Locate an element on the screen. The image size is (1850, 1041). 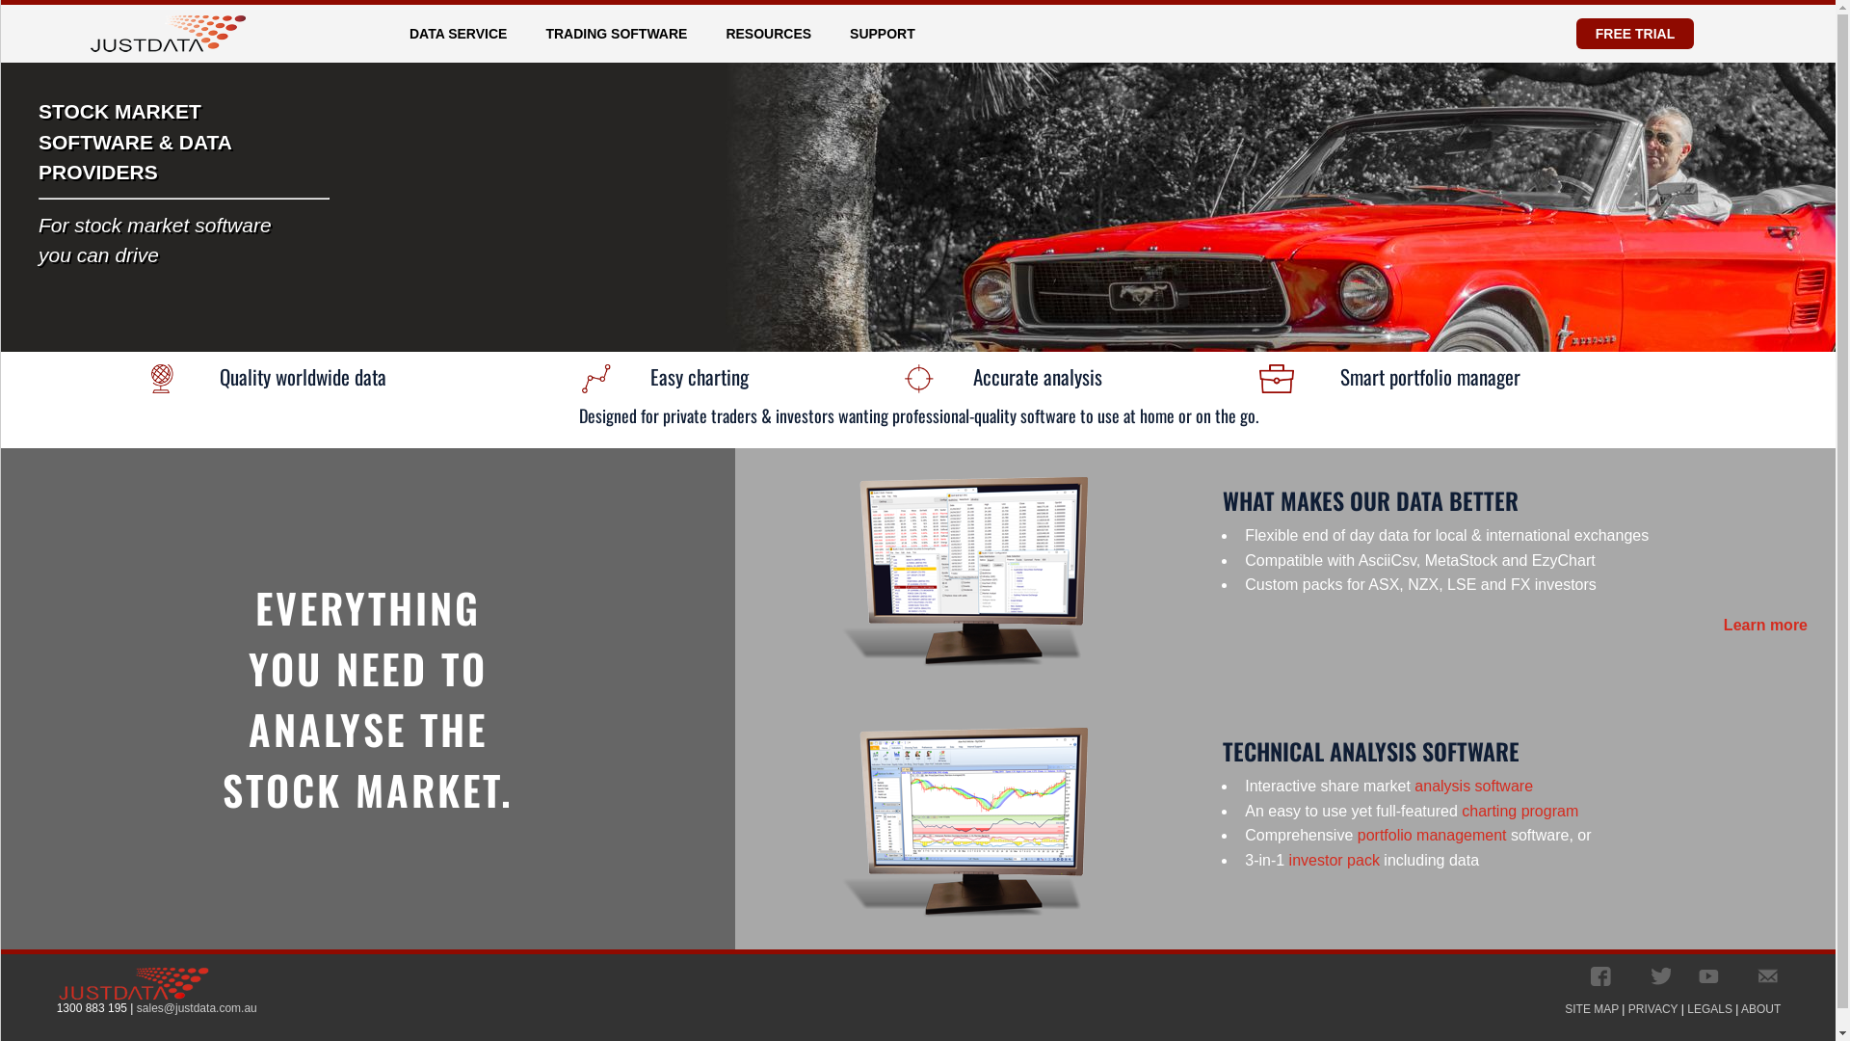
'Data download Software' is located at coordinates (965, 572).